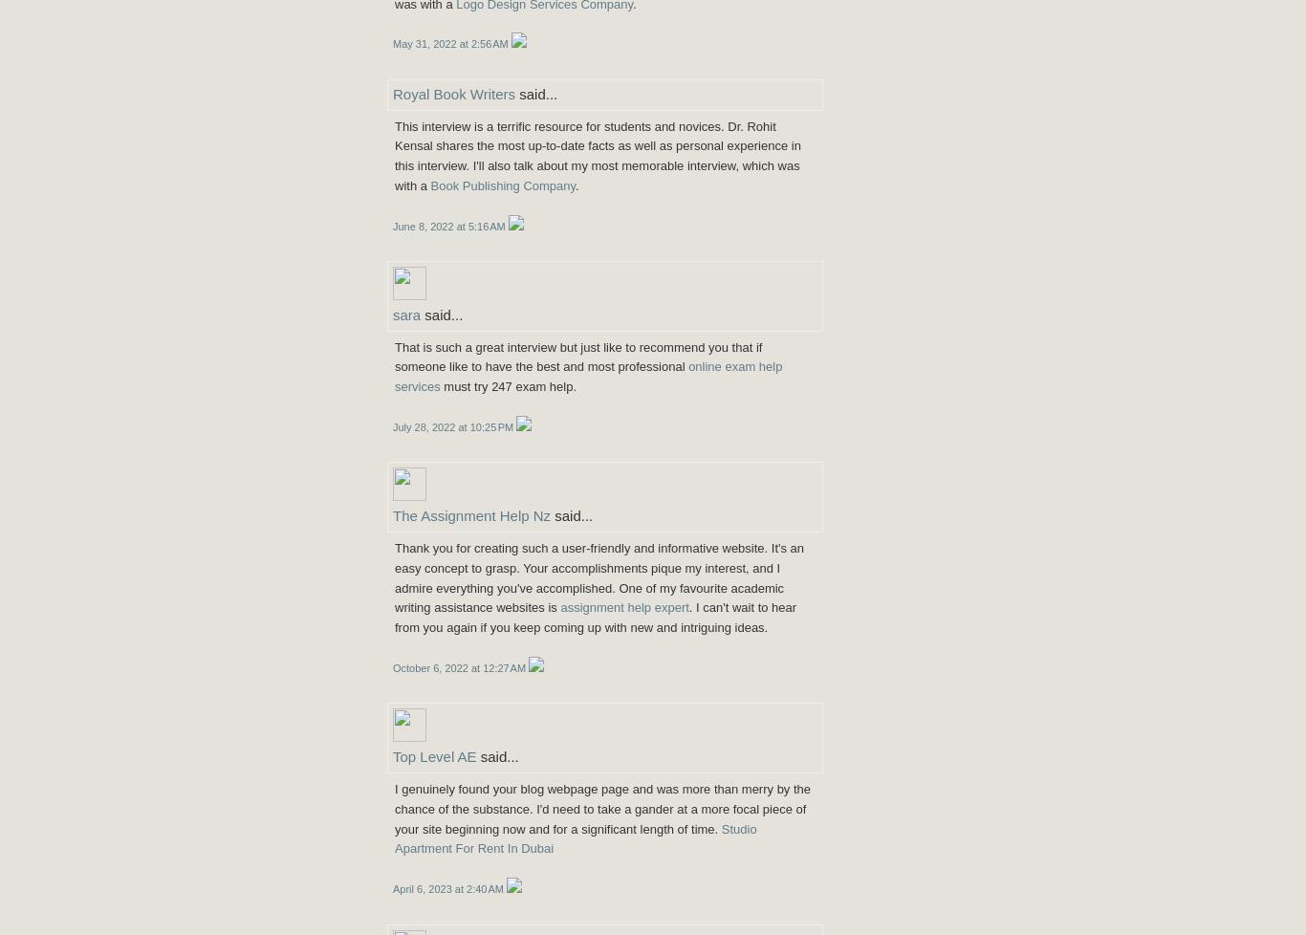  I want to click on 'Top Level AE', so click(433, 755).